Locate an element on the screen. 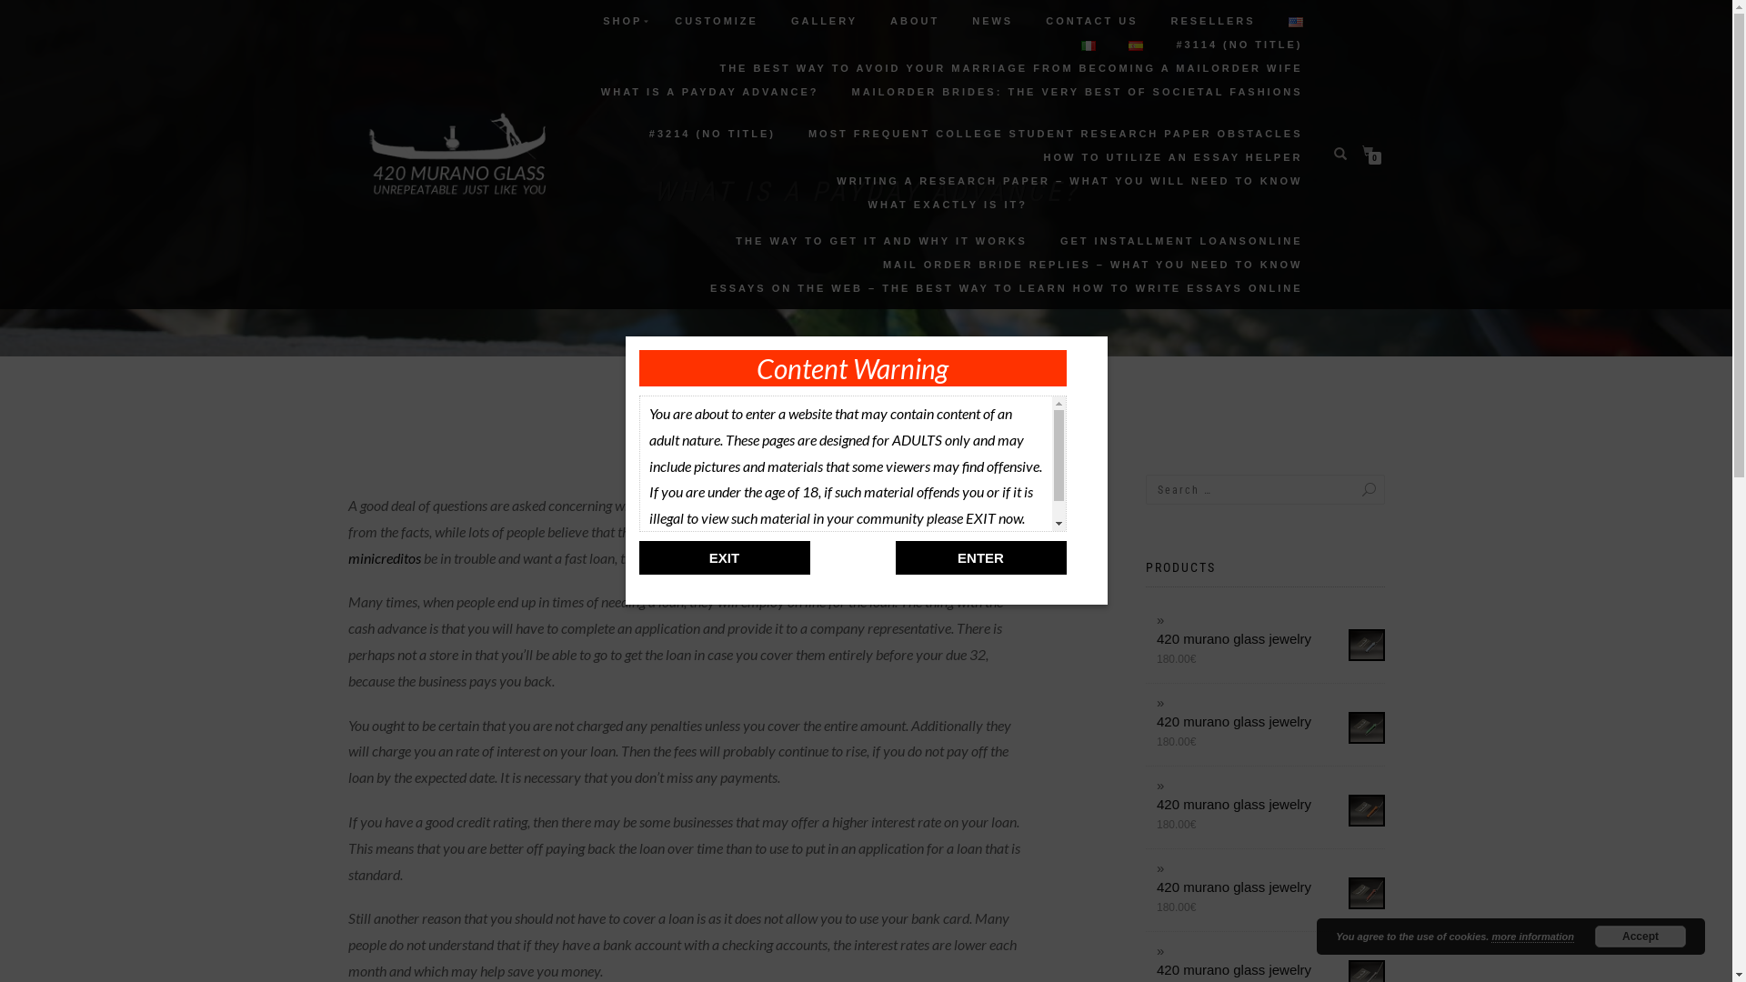  'RESELLERS' is located at coordinates (1212, 21).